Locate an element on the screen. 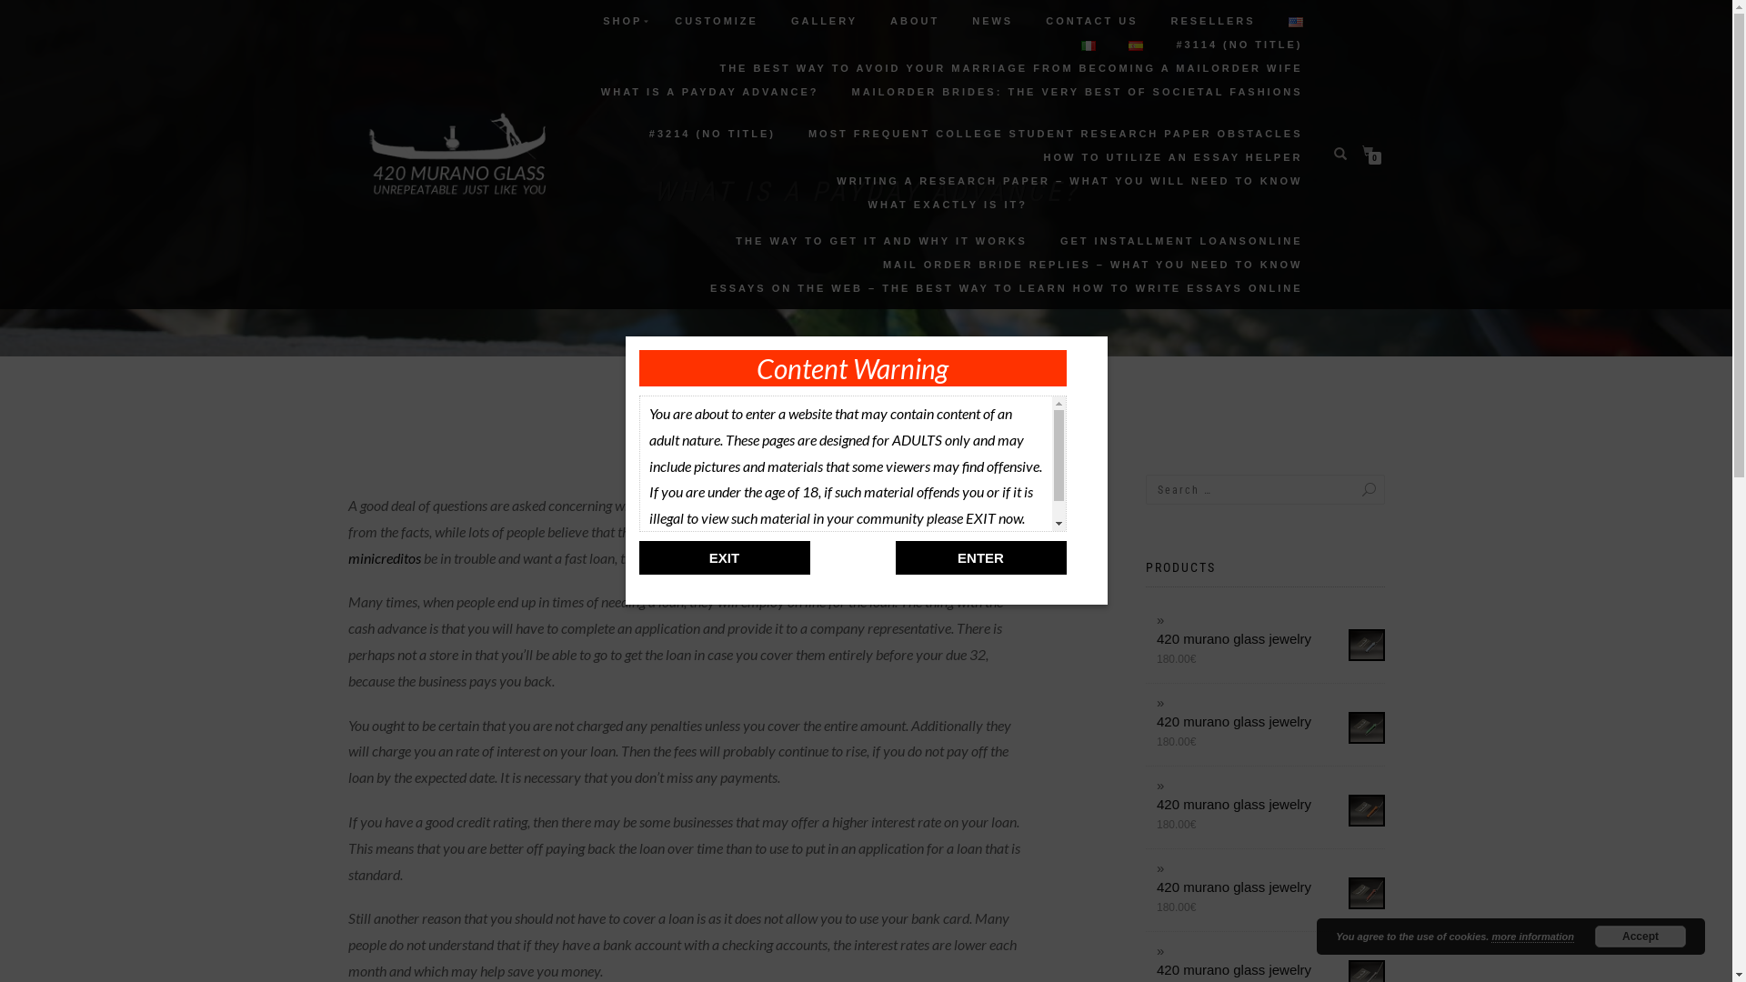  'RESELLERS' is located at coordinates (1212, 21).